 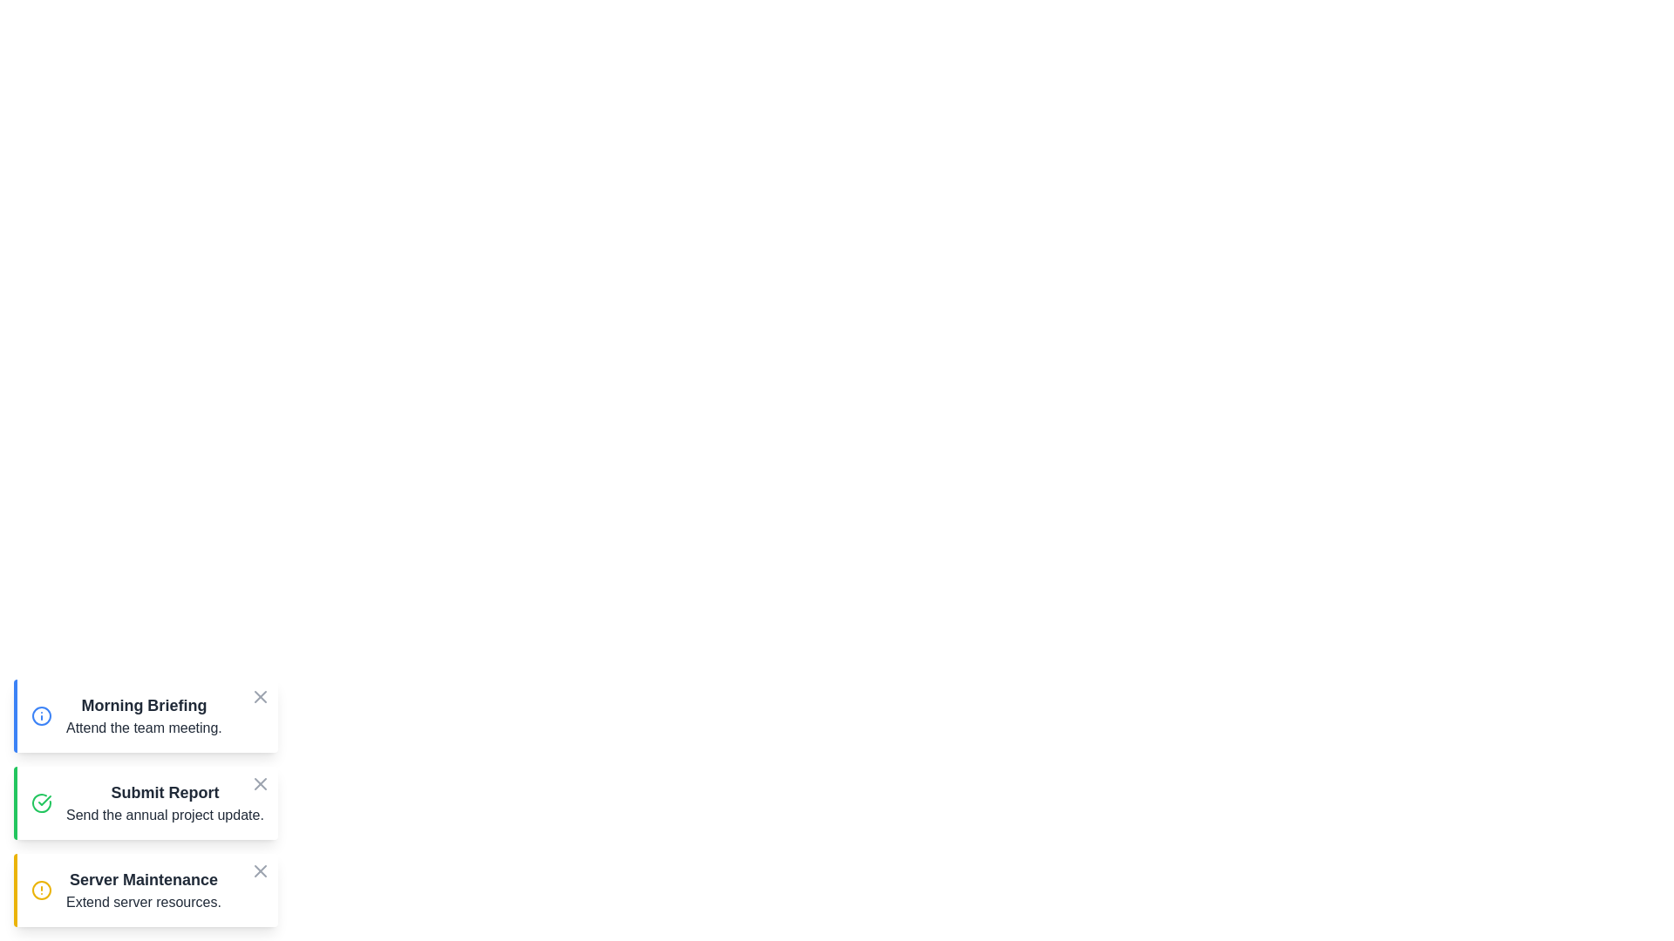 What do you see at coordinates (144, 728) in the screenshot?
I see `the Text Label that provides supplementary information for 'Morning Briefing', which is aligned below the heading in a vertically-stacked layout` at bounding box center [144, 728].